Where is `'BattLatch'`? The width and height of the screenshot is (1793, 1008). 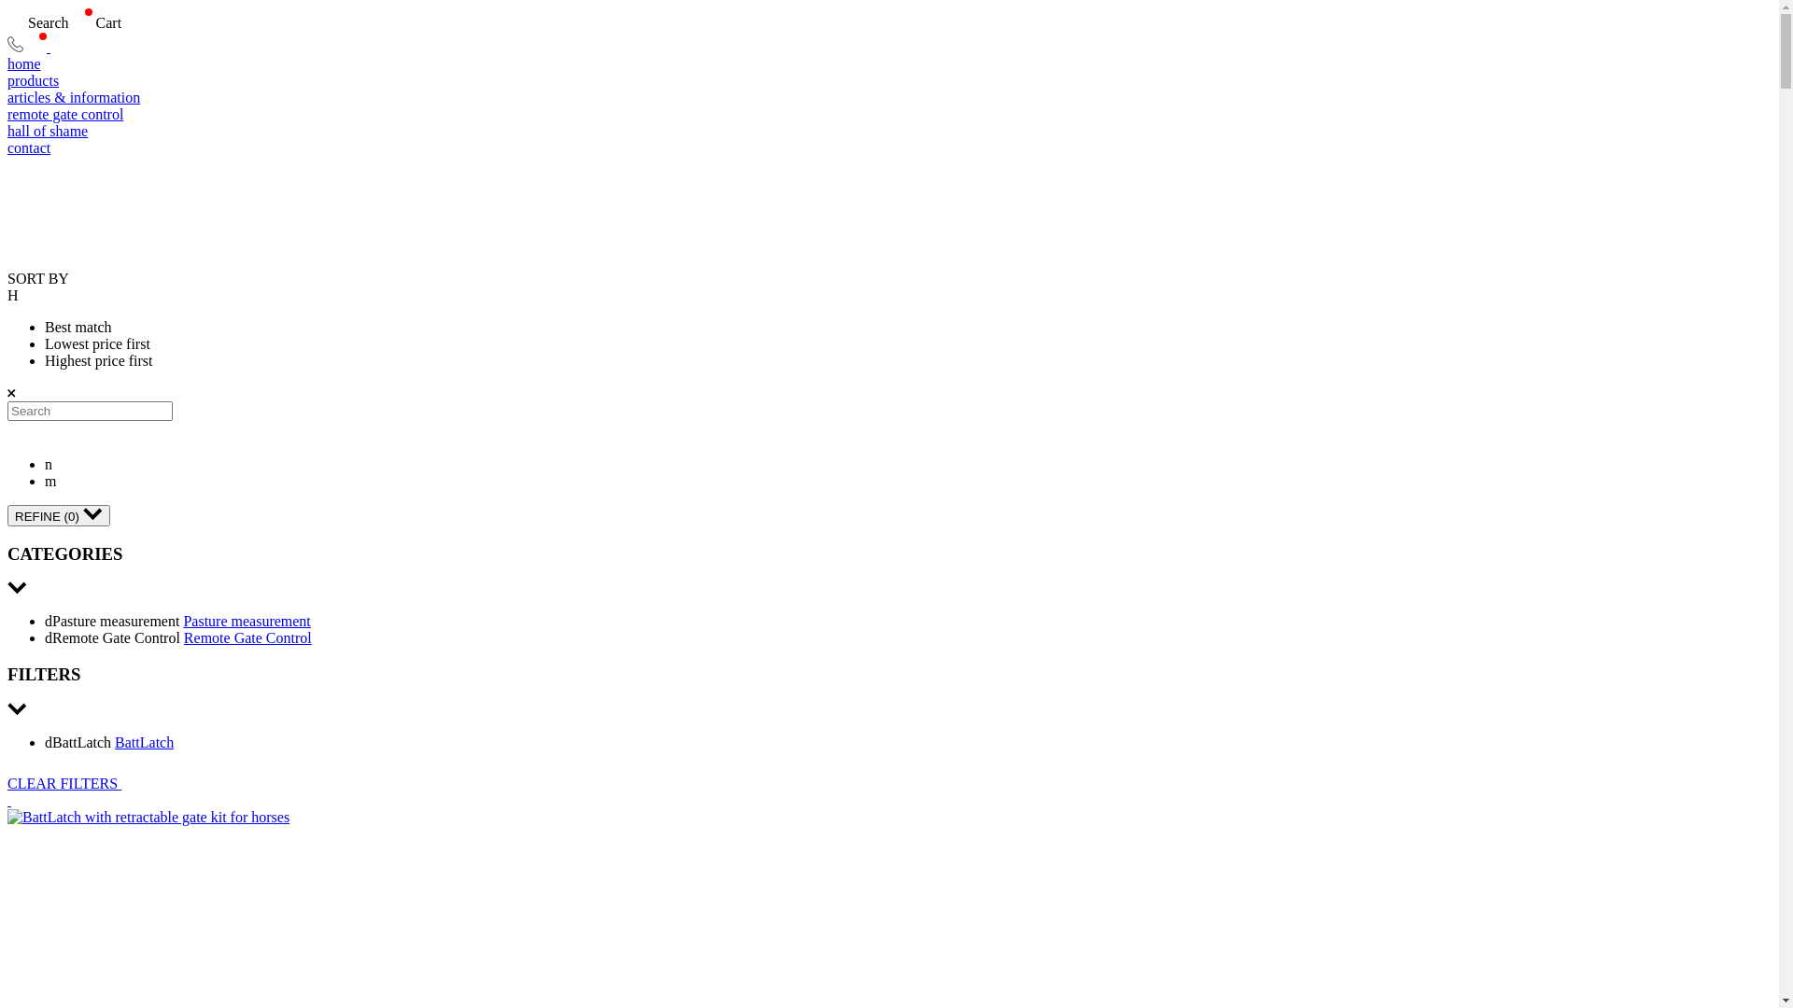
'BattLatch' is located at coordinates (143, 741).